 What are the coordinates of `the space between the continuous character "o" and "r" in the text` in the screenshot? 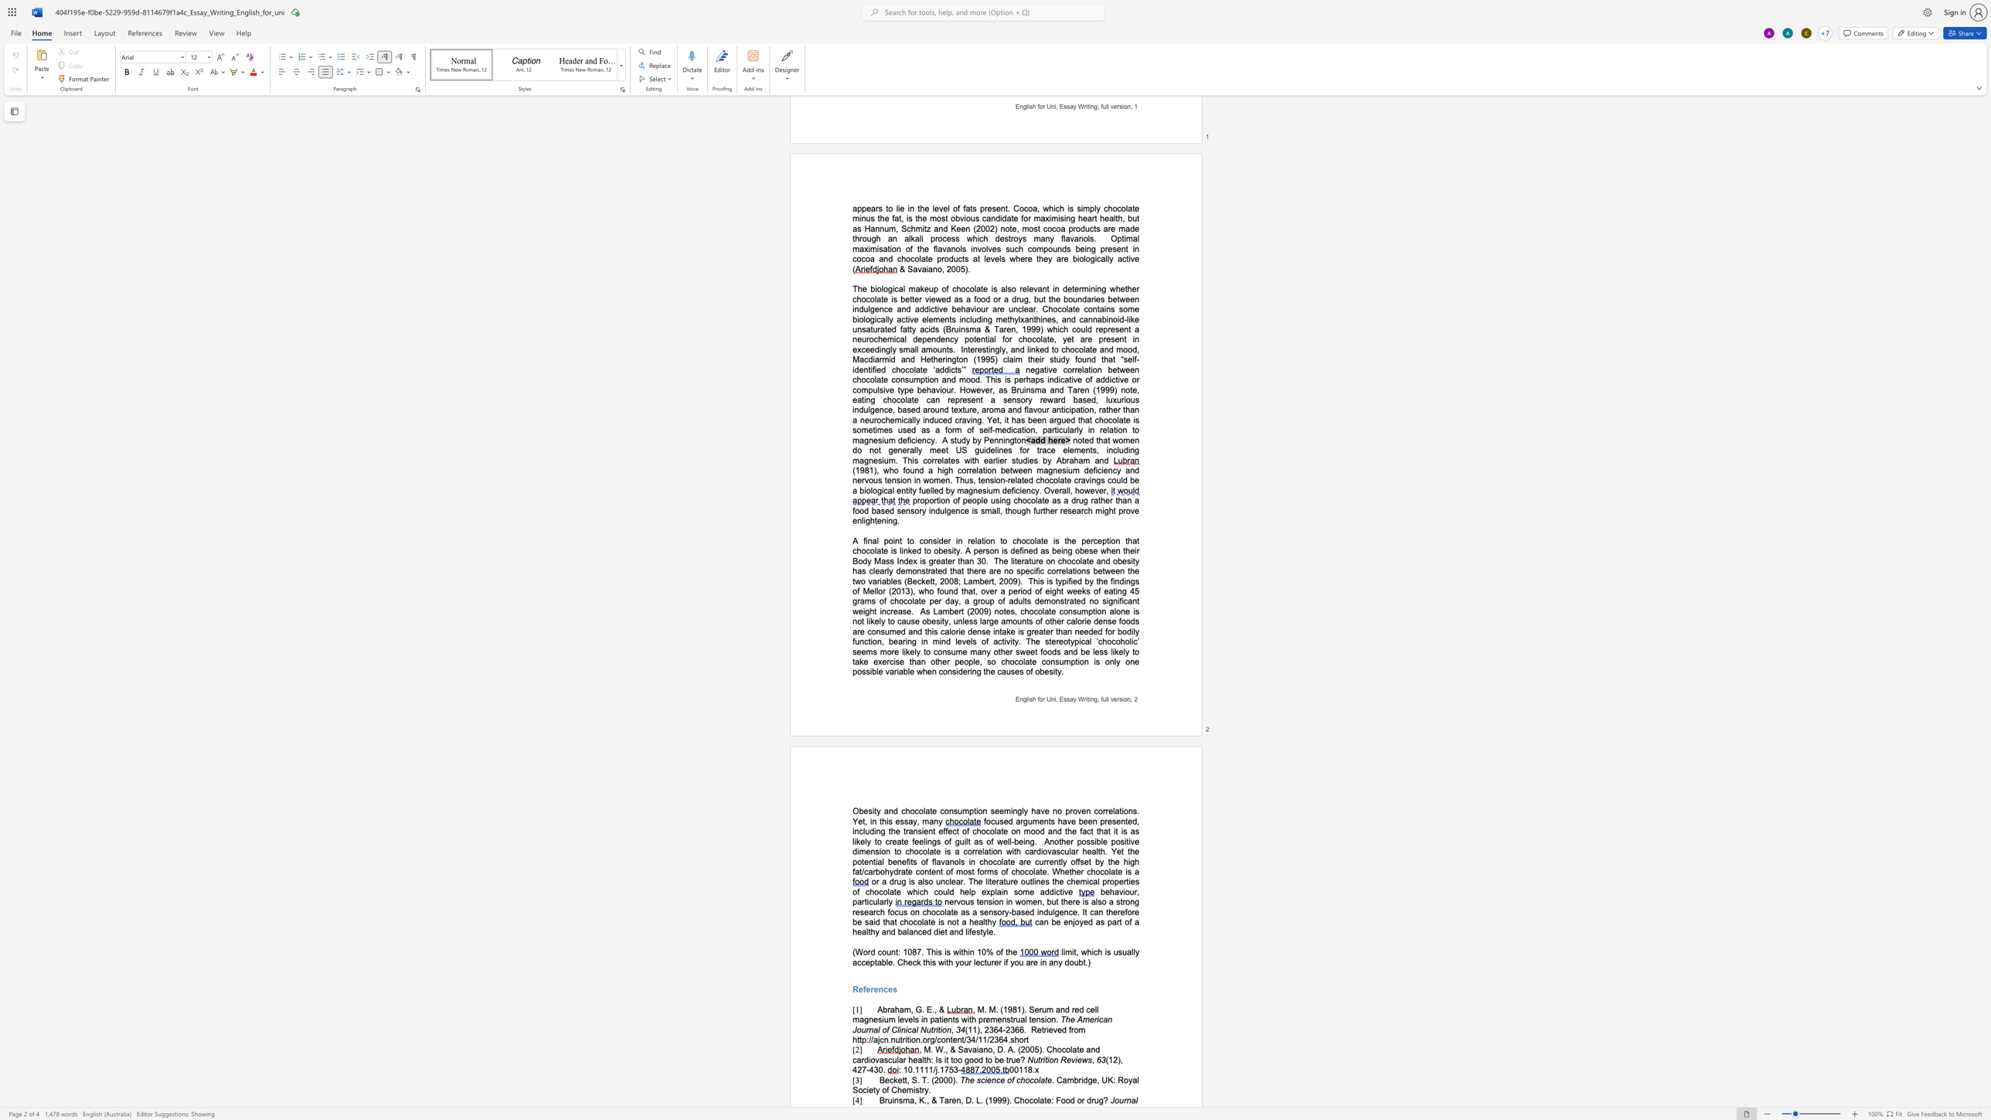 It's located at (1042, 699).